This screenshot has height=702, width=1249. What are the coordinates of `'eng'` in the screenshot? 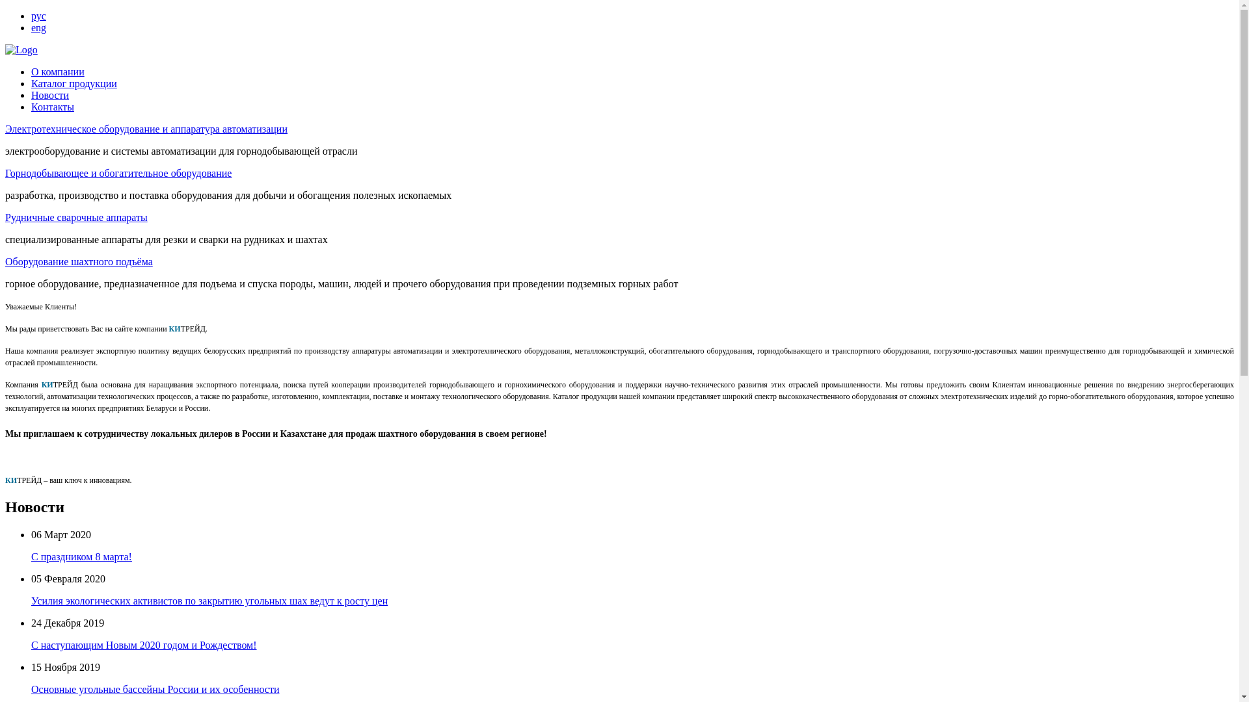 It's located at (31, 27).